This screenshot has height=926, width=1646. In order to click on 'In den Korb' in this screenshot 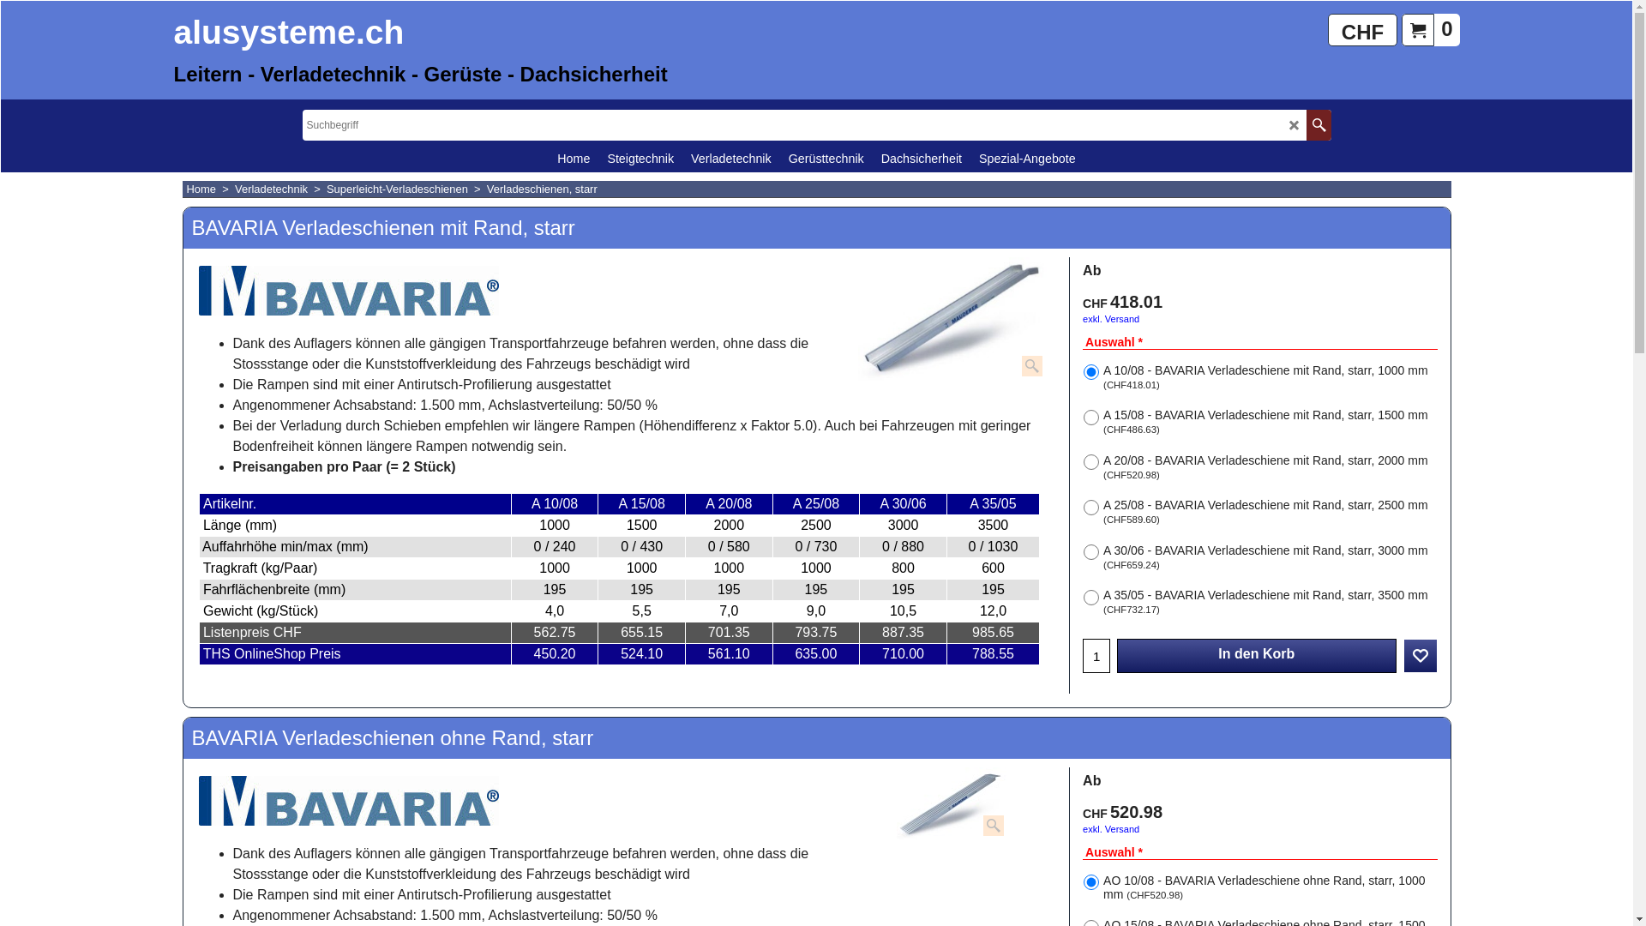, I will do `click(1256, 655)`.